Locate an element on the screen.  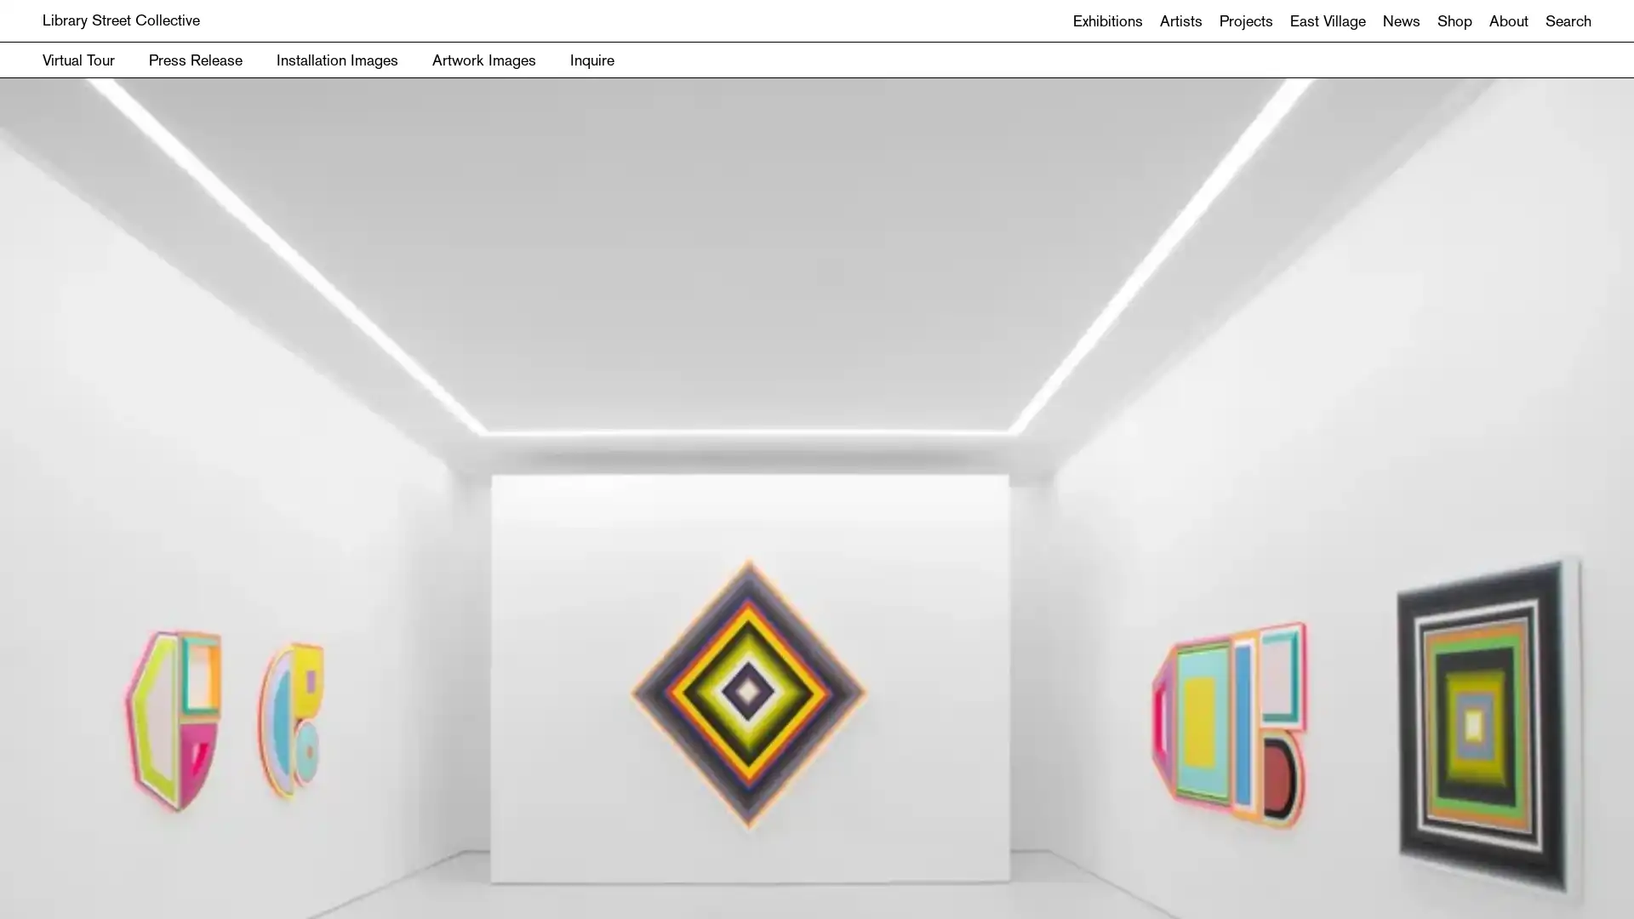
Inquire is located at coordinates (592, 59).